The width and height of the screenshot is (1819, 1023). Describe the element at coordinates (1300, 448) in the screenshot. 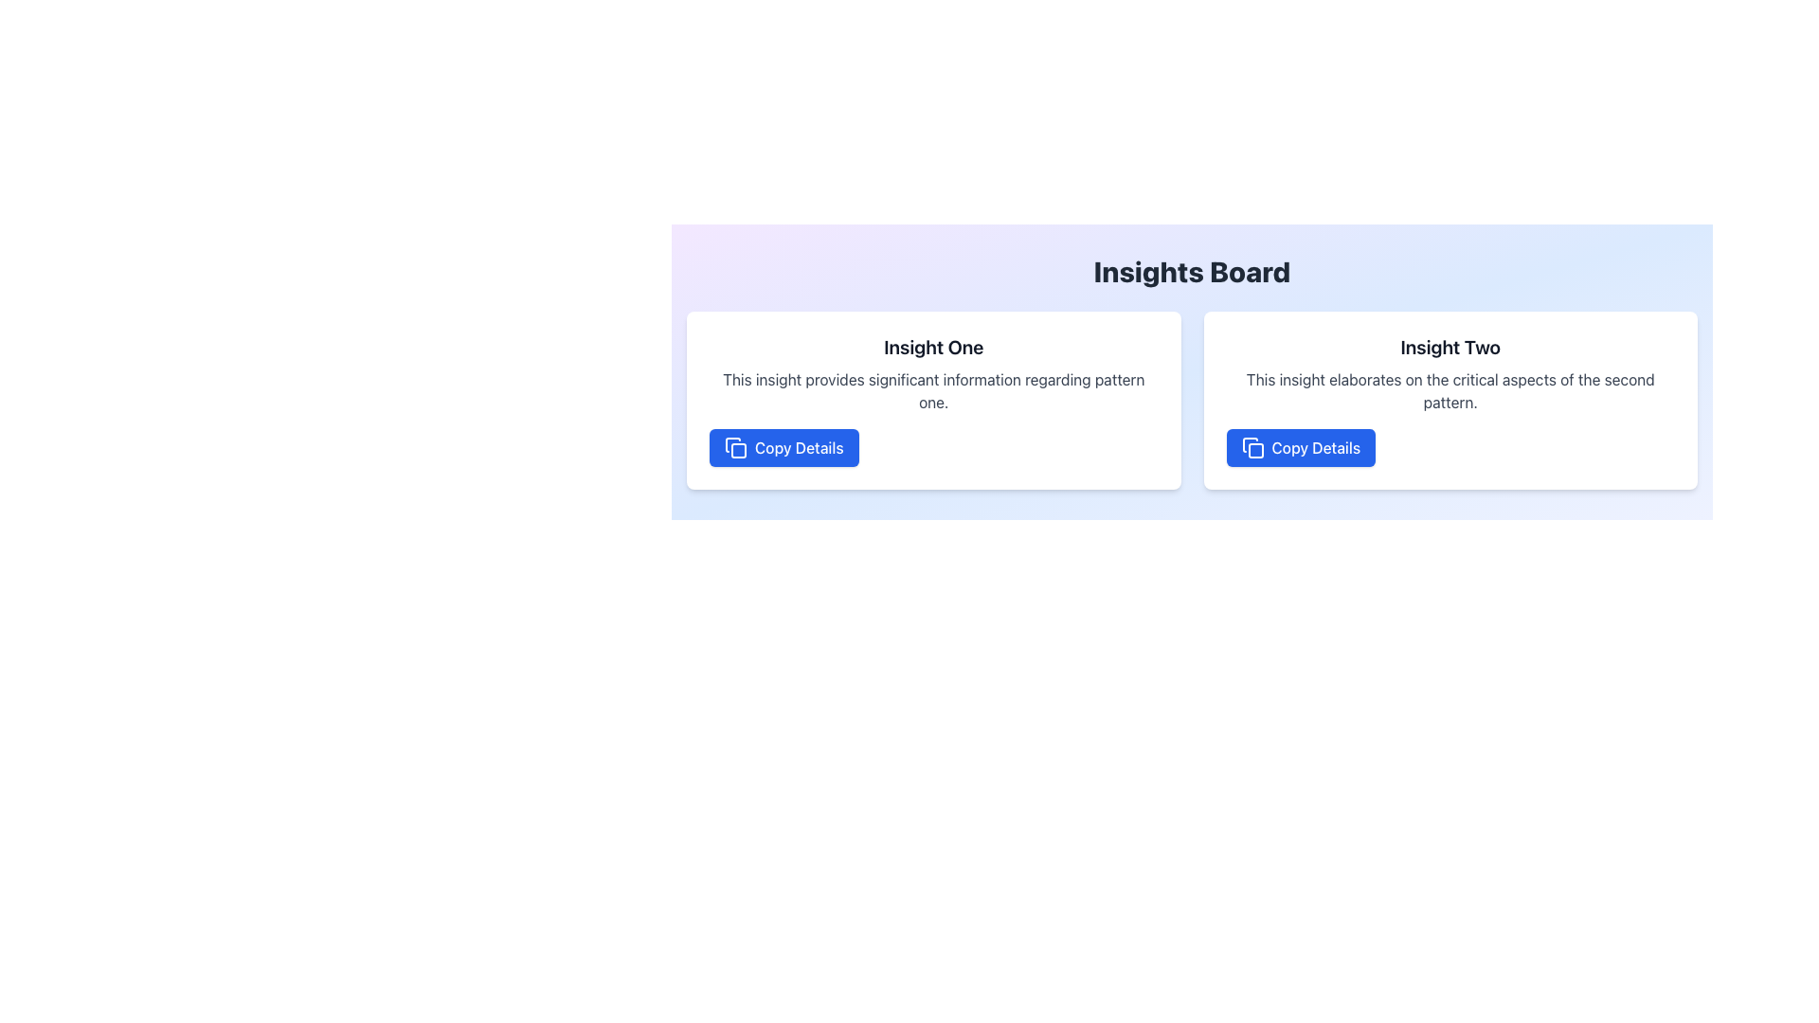

I see `the button located below the description text of the second insight to copy the details` at that location.